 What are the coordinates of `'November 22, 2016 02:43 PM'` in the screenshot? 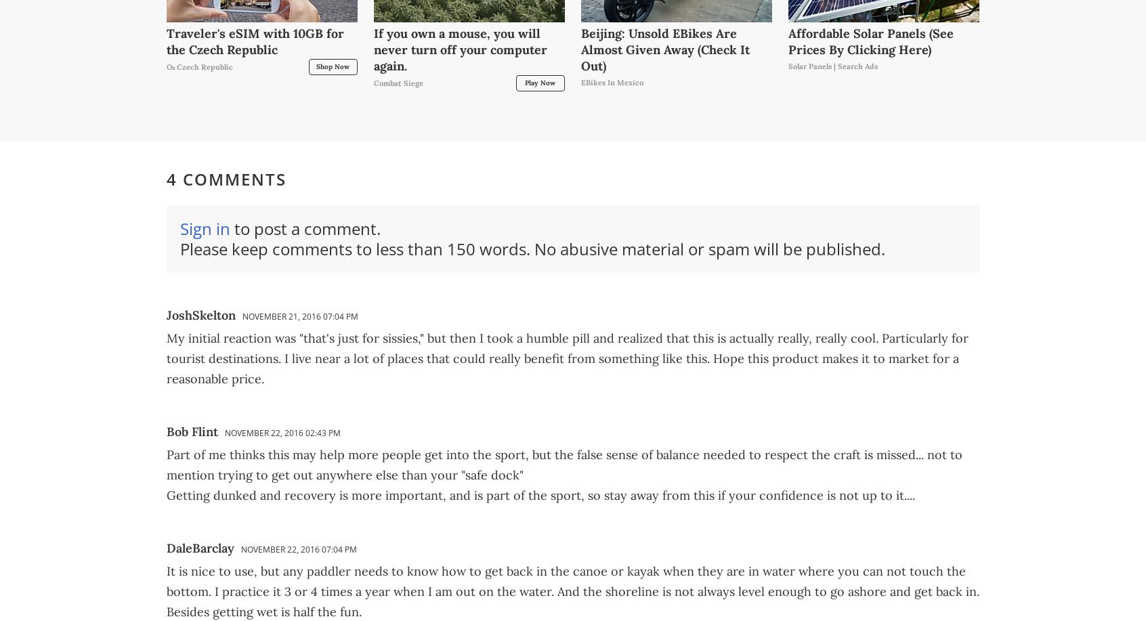 It's located at (224, 431).